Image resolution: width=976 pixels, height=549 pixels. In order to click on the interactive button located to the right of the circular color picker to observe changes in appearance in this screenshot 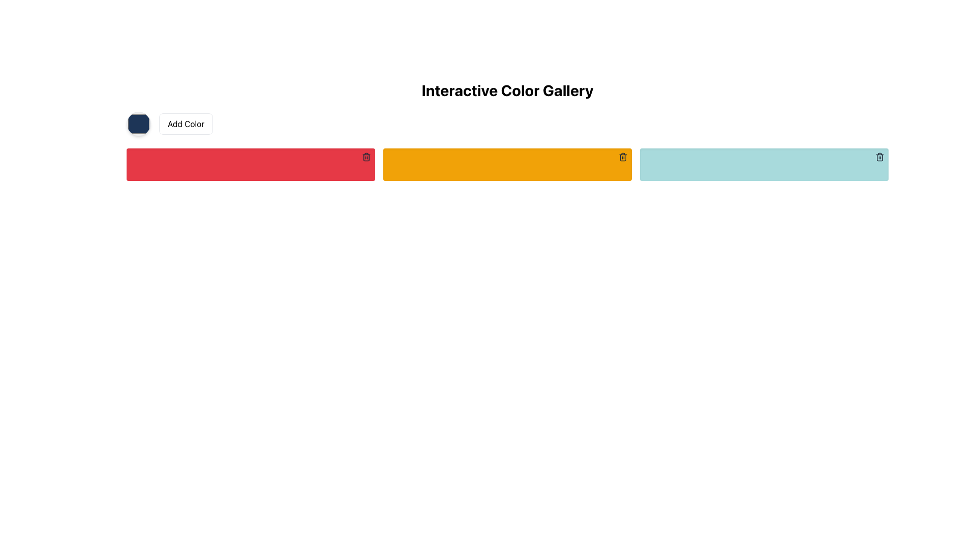, I will do `click(186, 123)`.